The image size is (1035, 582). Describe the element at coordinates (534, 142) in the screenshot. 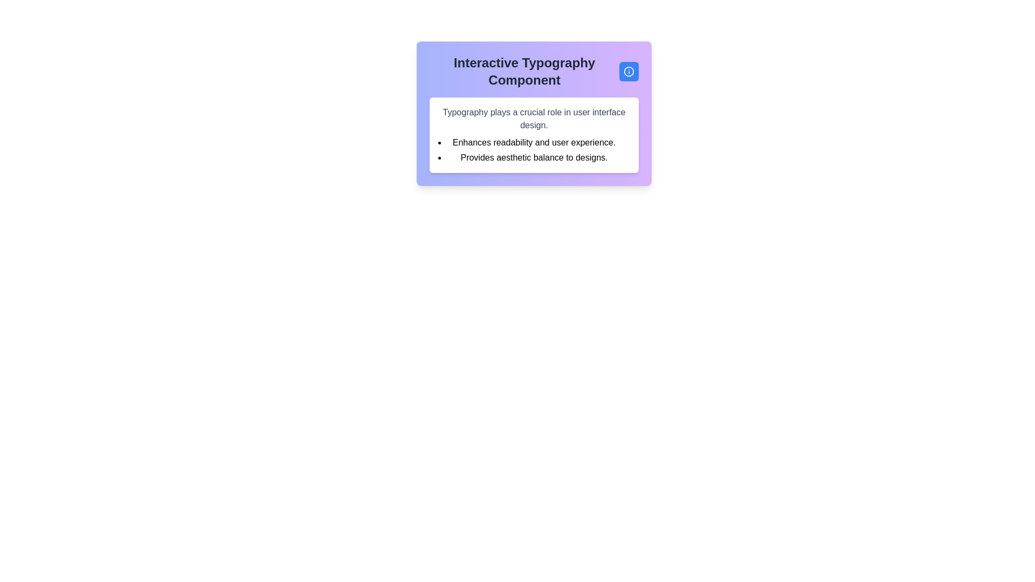

I see `the first bulleted list item that enhances readability and user experience as a reference for understanding the topic` at that location.